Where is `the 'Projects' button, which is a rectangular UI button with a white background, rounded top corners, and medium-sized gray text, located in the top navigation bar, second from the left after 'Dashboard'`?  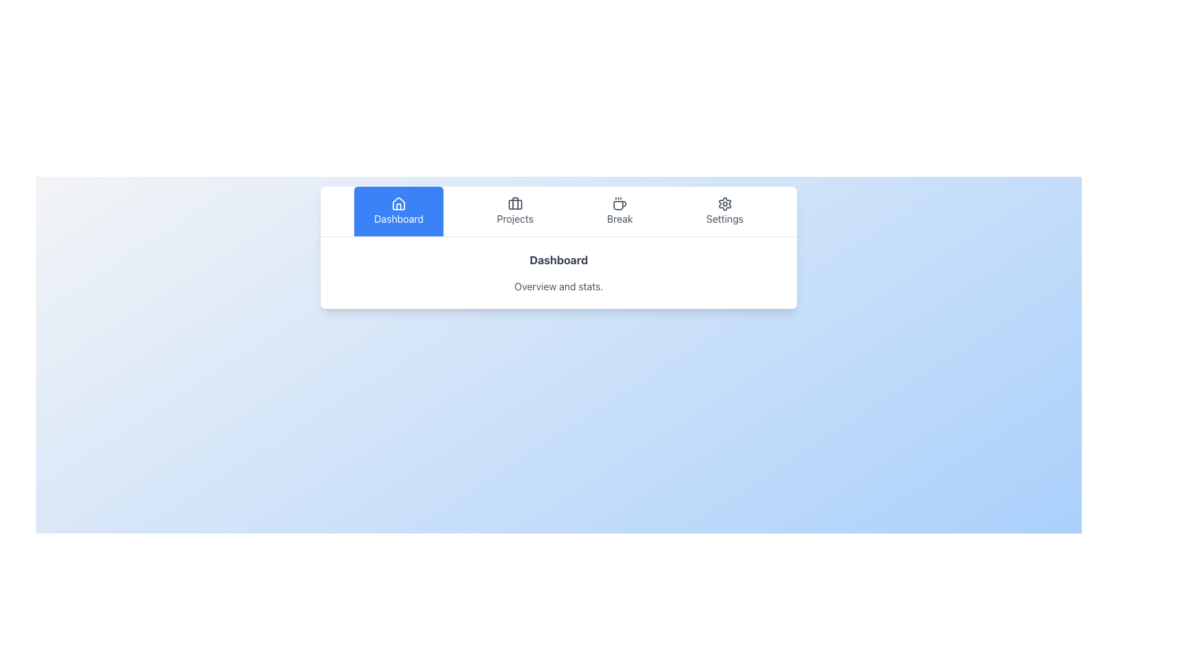 the 'Projects' button, which is a rectangular UI button with a white background, rounded top corners, and medium-sized gray text, located in the top navigation bar, second from the left after 'Dashboard' is located at coordinates (515, 210).